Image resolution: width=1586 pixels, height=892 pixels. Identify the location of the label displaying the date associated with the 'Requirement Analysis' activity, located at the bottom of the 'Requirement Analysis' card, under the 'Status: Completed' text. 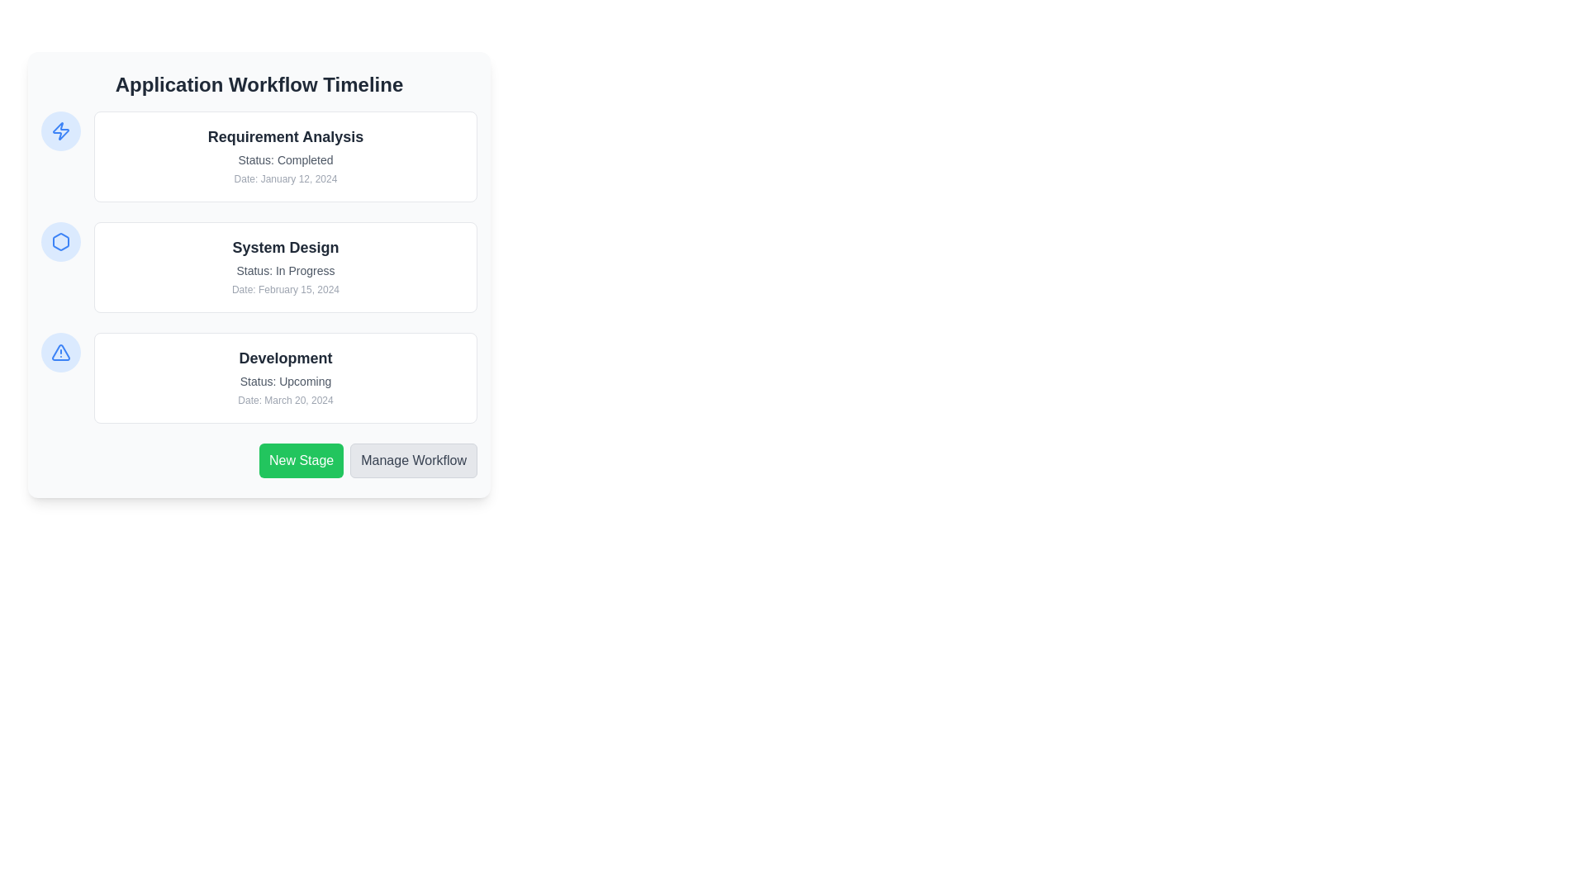
(285, 178).